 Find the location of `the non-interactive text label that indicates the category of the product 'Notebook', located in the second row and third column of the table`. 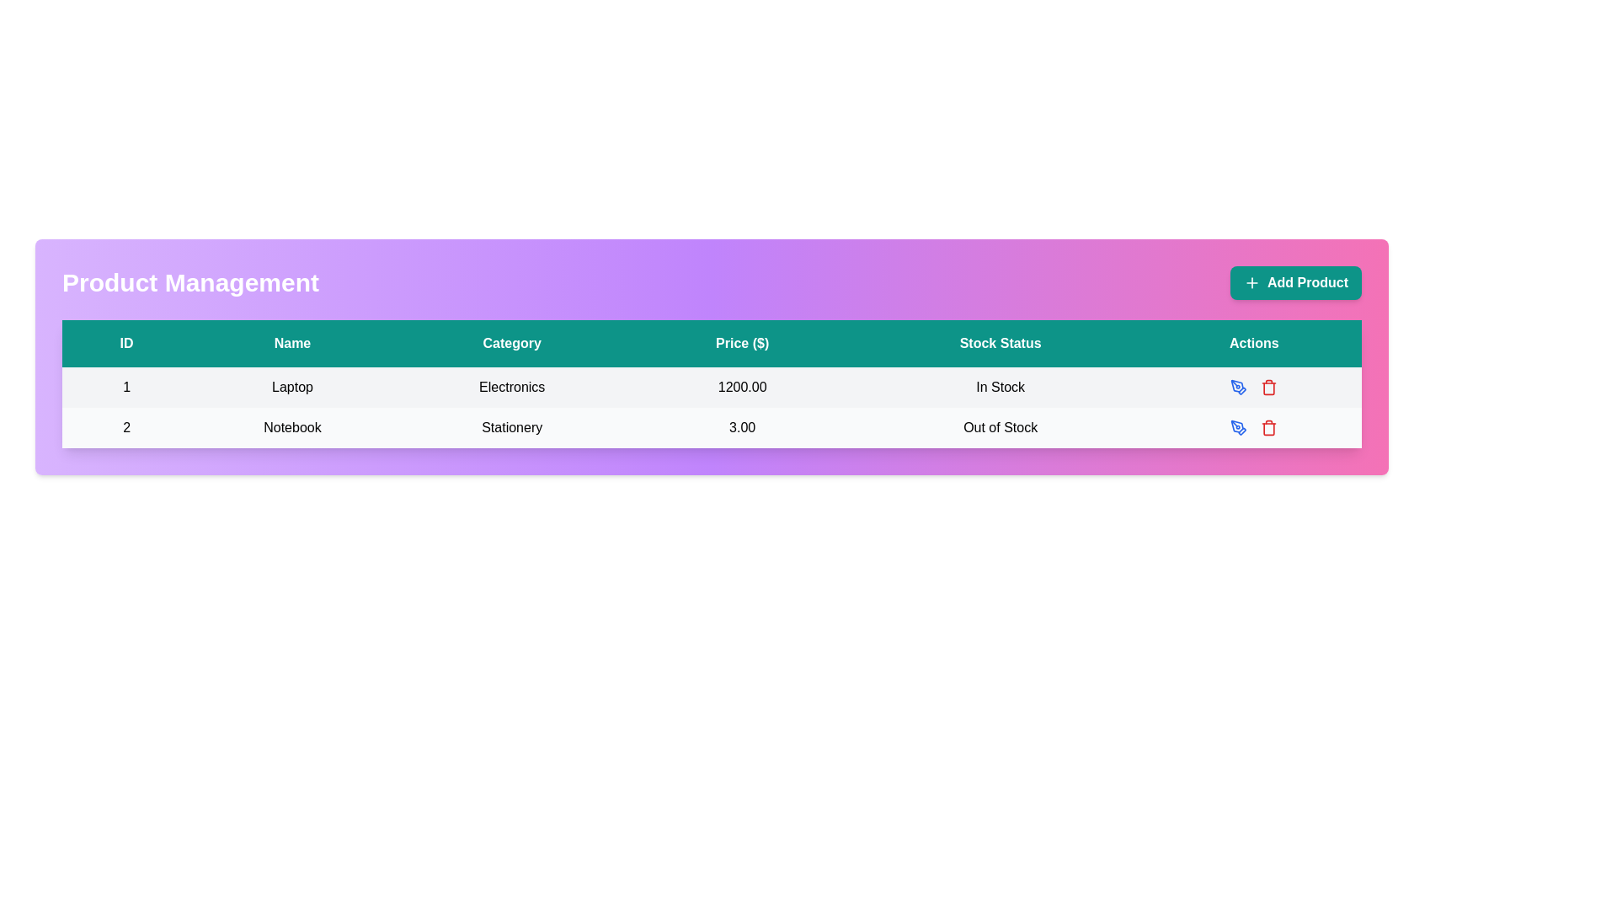

the non-interactive text label that indicates the category of the product 'Notebook', located in the second row and third column of the table is located at coordinates (511, 427).